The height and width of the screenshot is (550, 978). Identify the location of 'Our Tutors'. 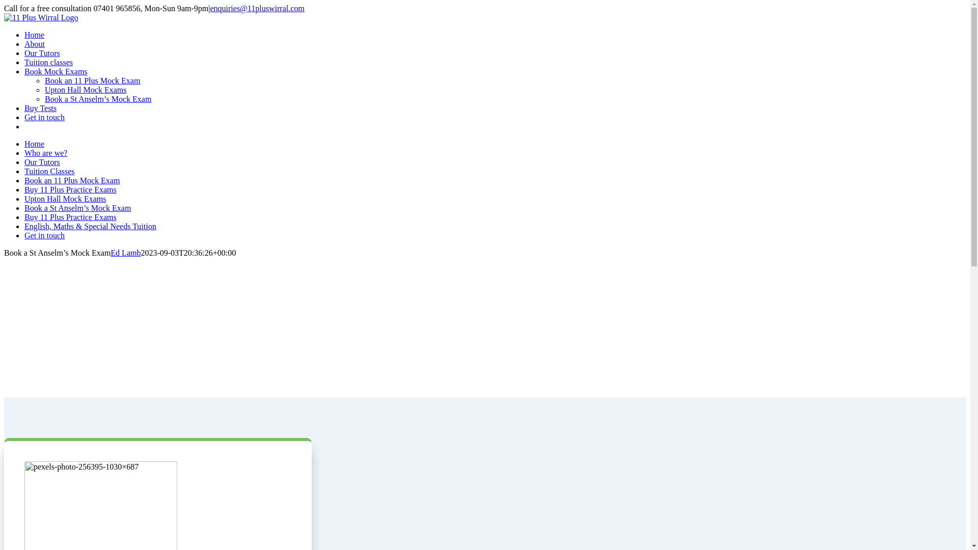
(41, 53).